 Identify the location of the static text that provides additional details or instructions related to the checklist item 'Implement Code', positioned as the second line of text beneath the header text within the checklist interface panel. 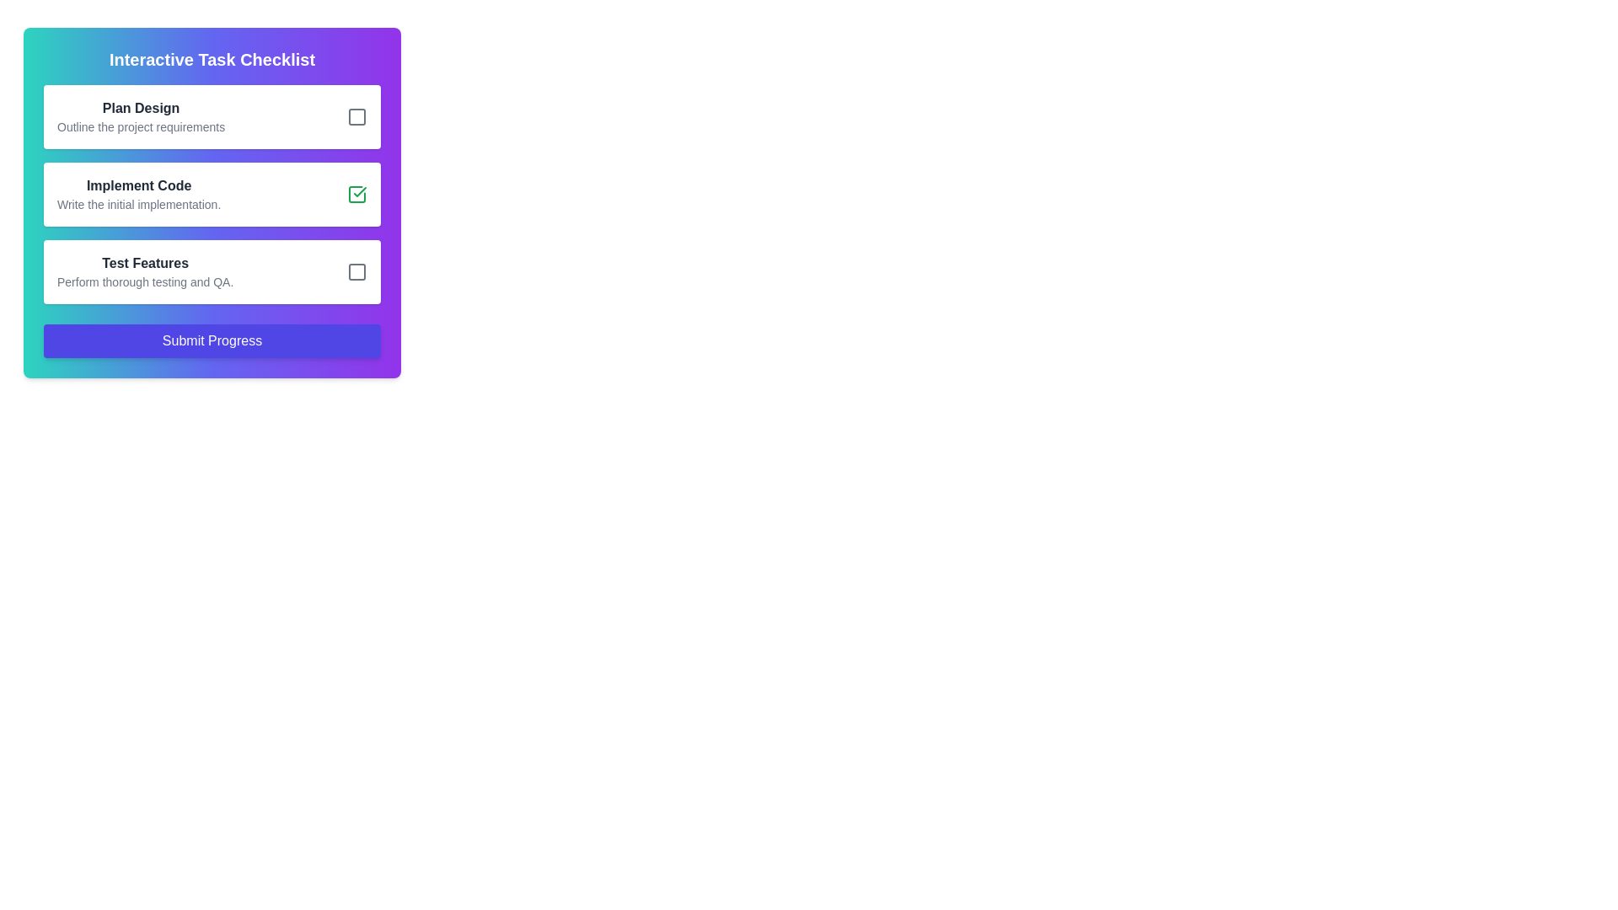
(139, 204).